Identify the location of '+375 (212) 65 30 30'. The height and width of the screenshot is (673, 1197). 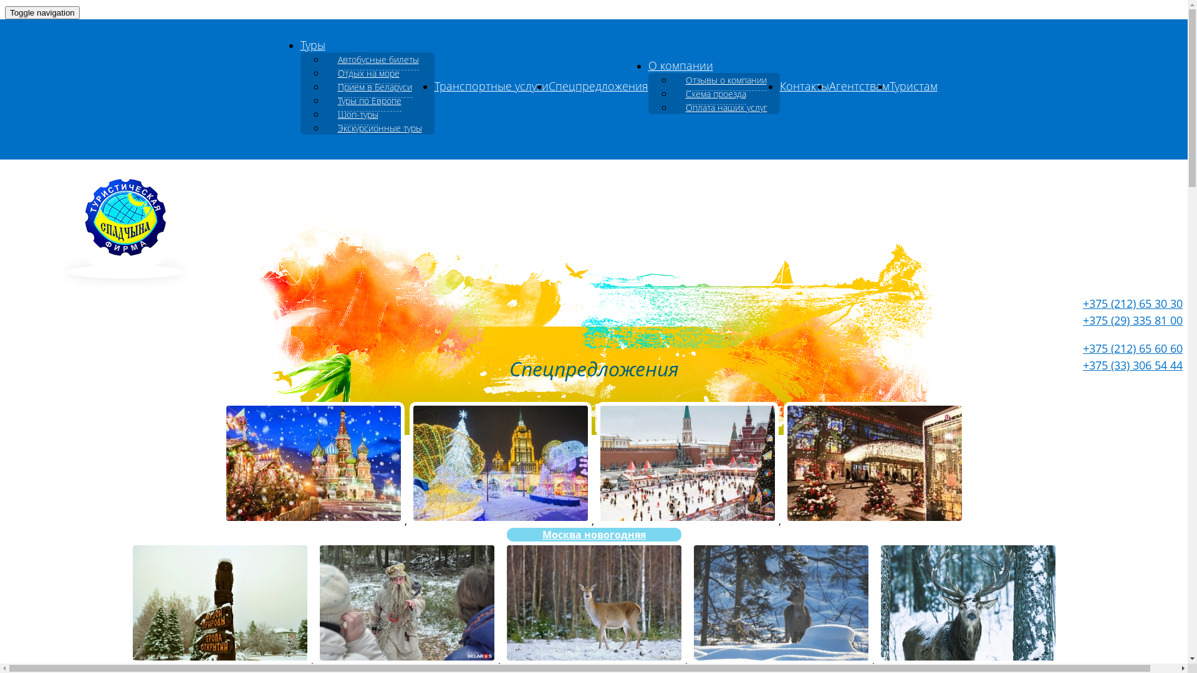
(1133, 303).